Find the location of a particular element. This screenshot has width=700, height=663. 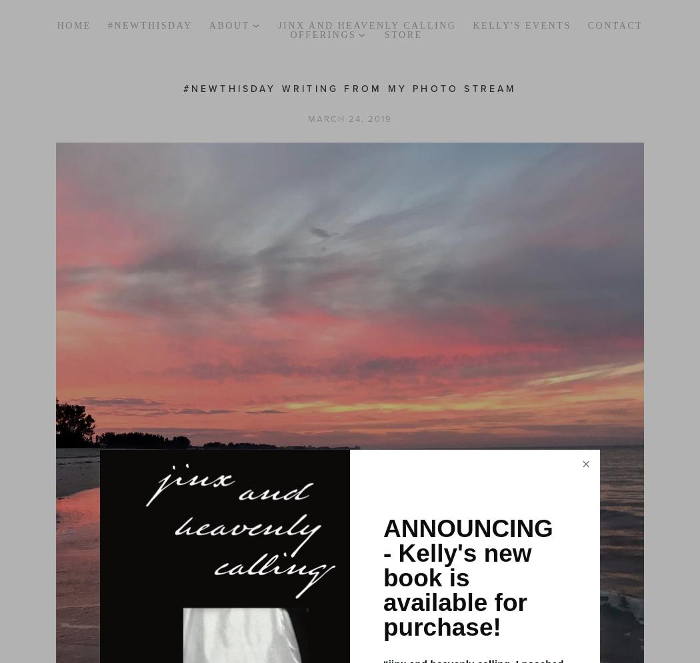

'AFA Fall 2023 6 Week Webinar' is located at coordinates (385, 173).